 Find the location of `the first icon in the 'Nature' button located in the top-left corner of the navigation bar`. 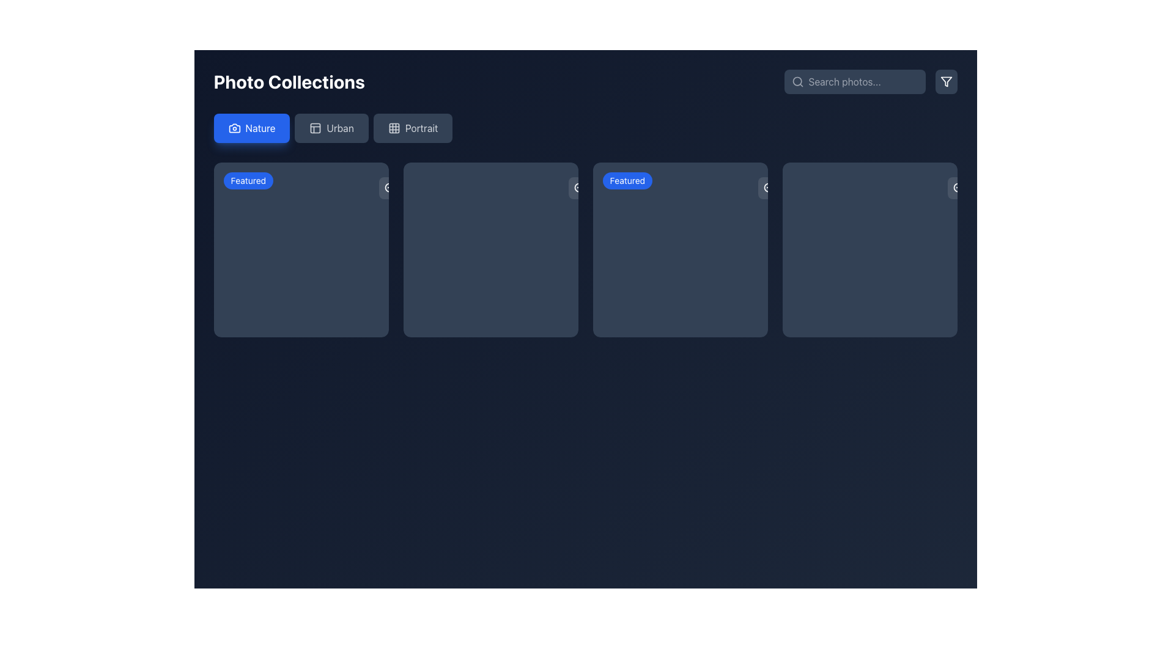

the first icon in the 'Nature' button located in the top-left corner of the navigation bar is located at coordinates (234, 128).